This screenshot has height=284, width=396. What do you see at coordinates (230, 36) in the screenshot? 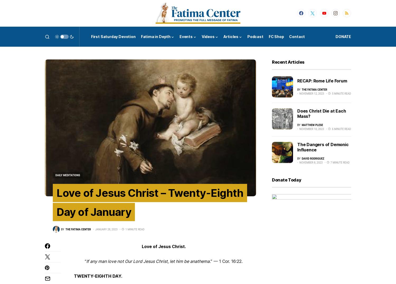
I see `'Articles'` at bounding box center [230, 36].